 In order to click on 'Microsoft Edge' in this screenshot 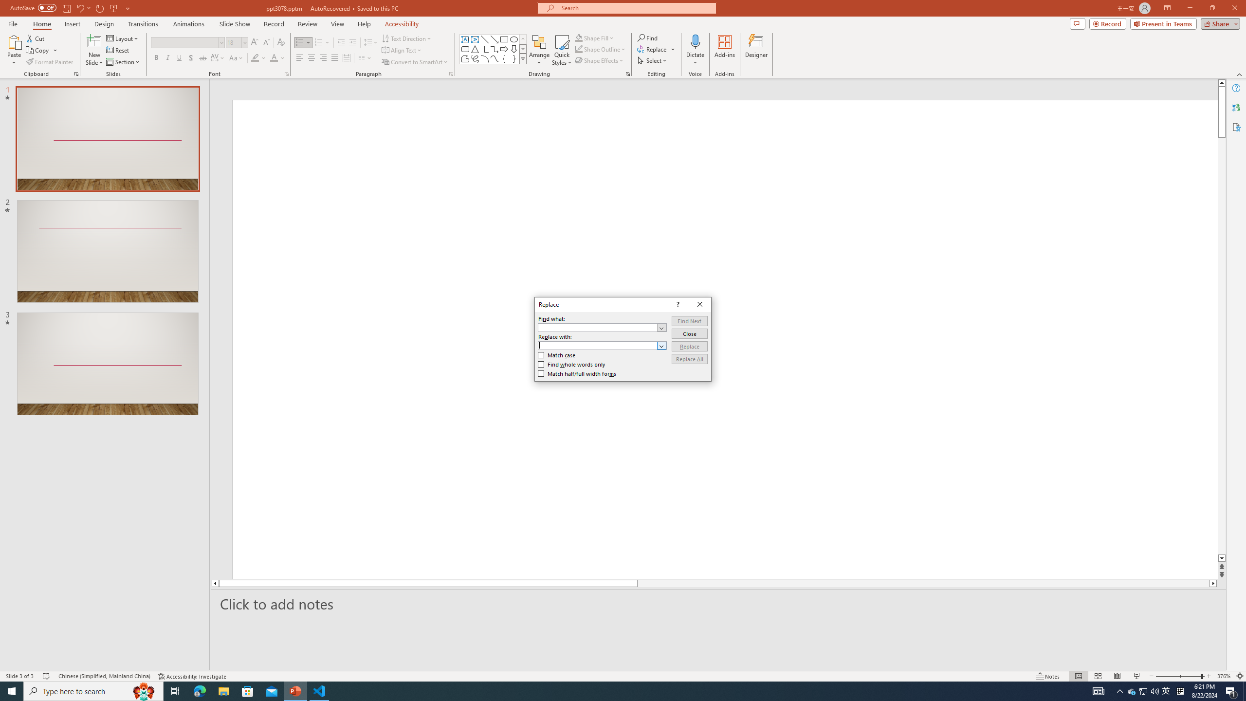, I will do `click(199, 690)`.